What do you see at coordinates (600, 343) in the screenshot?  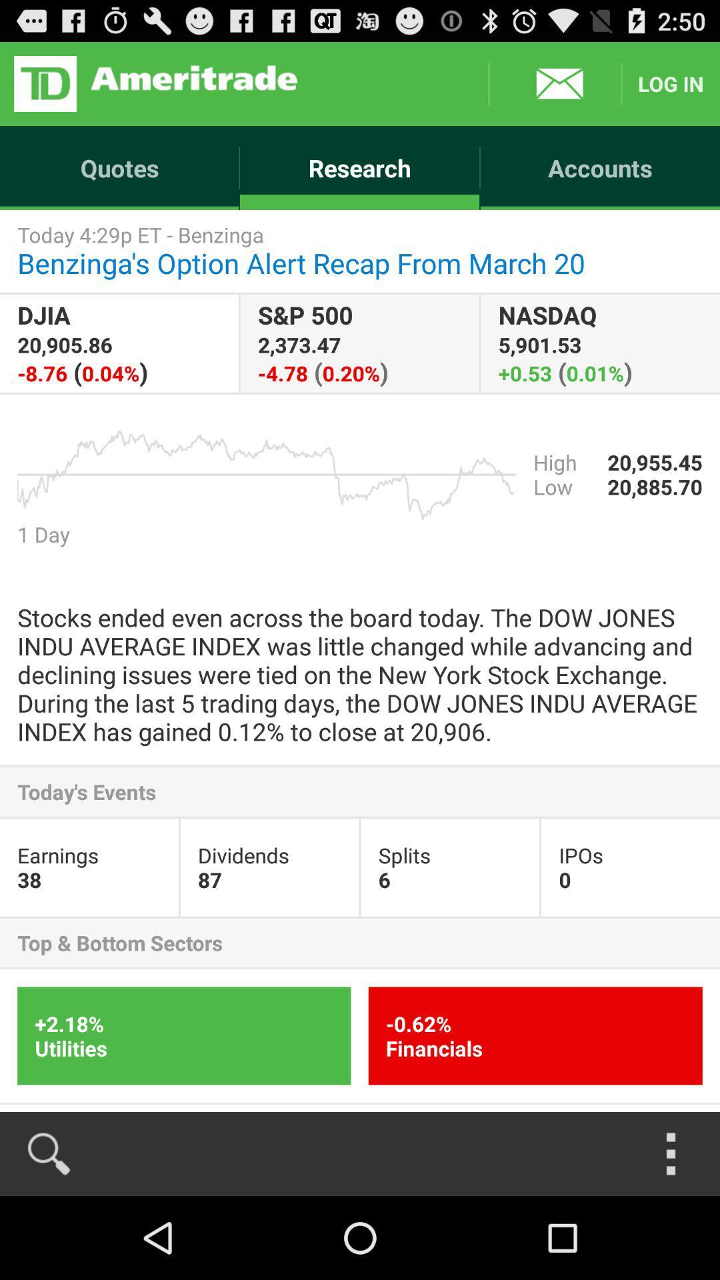 I see `nasdaq 5 901 app` at bounding box center [600, 343].